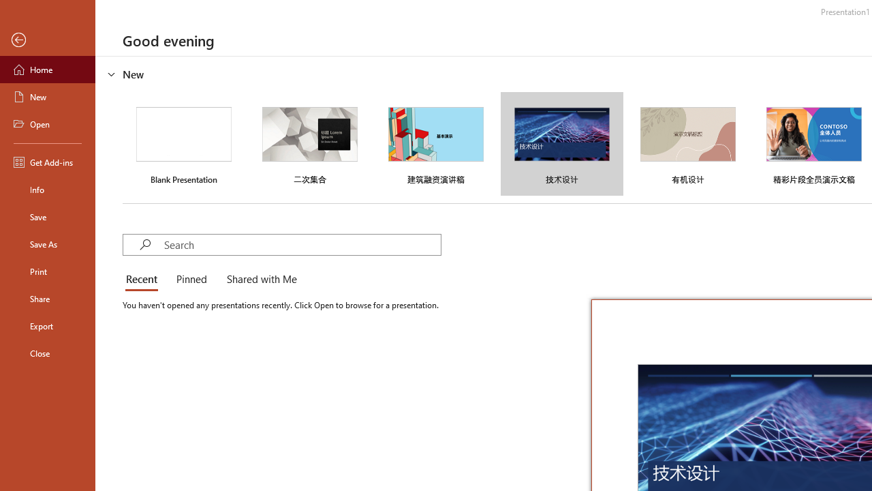 This screenshot has height=491, width=872. Describe the element at coordinates (183, 144) in the screenshot. I see `'Blank Presentation'` at that location.